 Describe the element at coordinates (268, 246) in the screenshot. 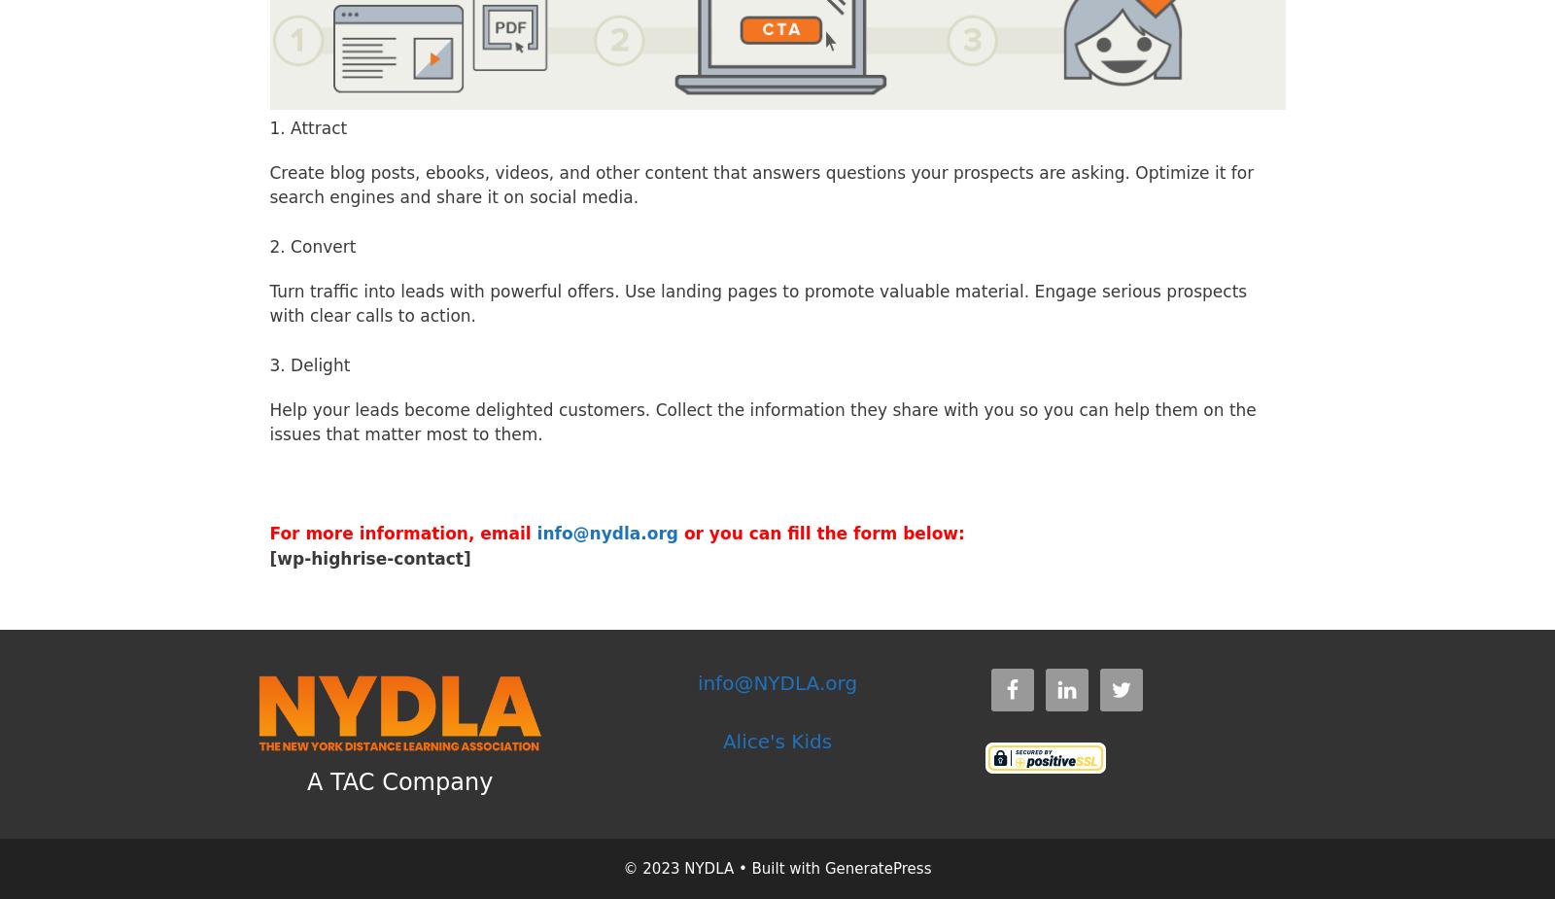

I see `'2. Convert'` at that location.